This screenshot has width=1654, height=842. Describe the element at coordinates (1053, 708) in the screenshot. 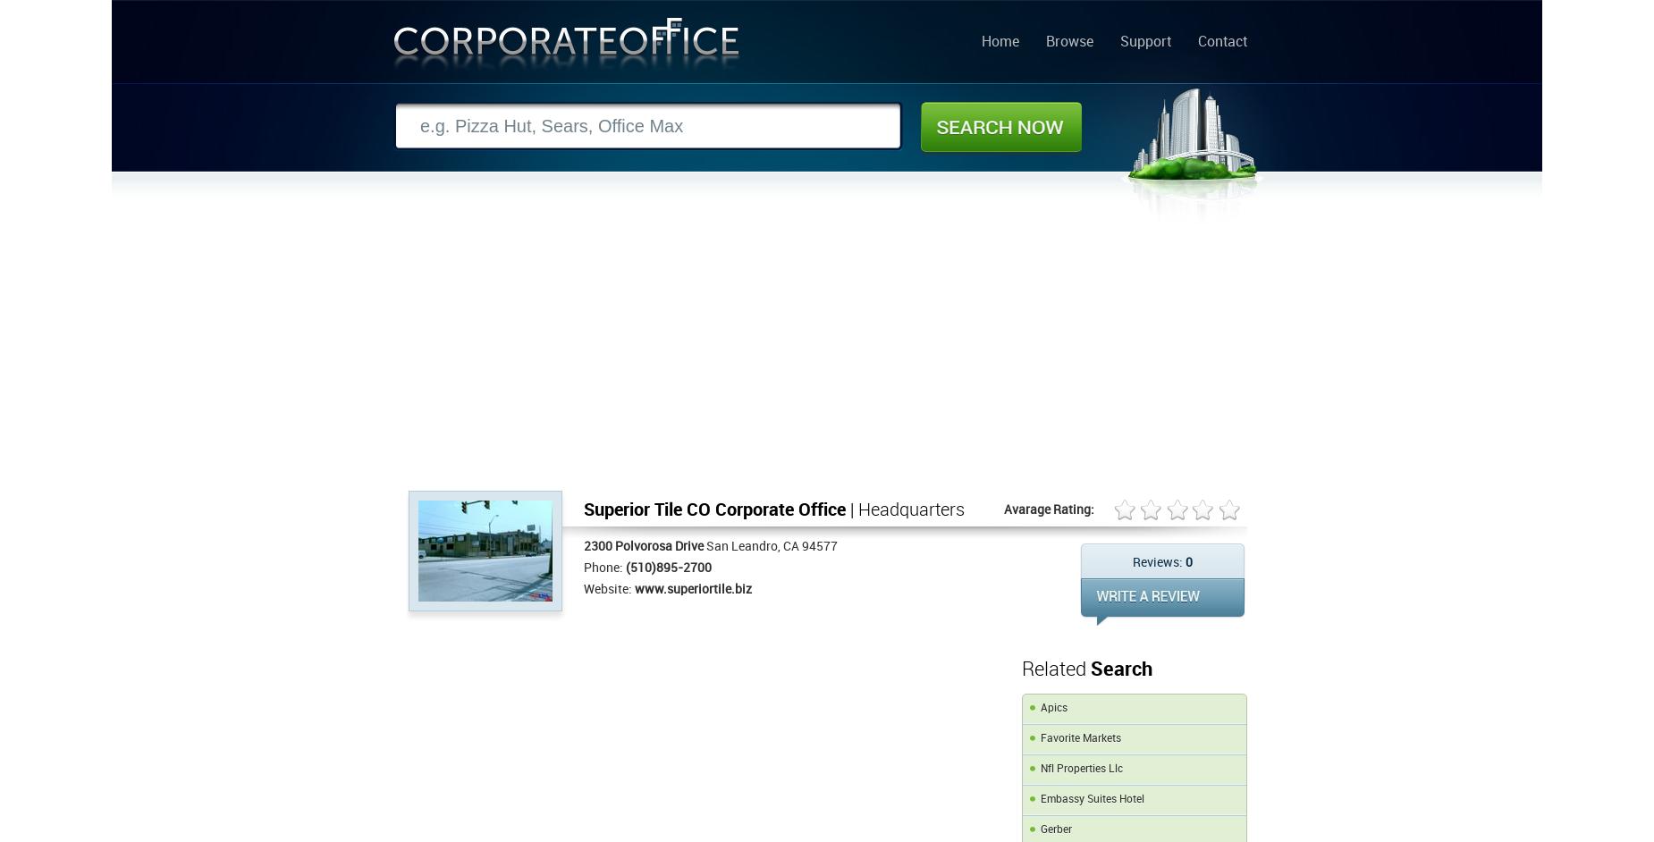

I see `'Apics'` at that location.